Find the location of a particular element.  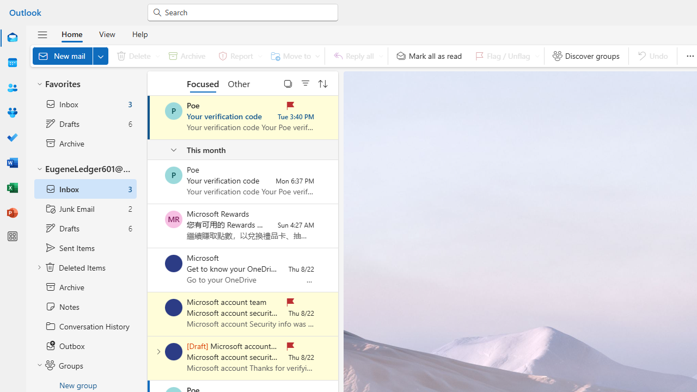

'Focused' is located at coordinates (203, 83).